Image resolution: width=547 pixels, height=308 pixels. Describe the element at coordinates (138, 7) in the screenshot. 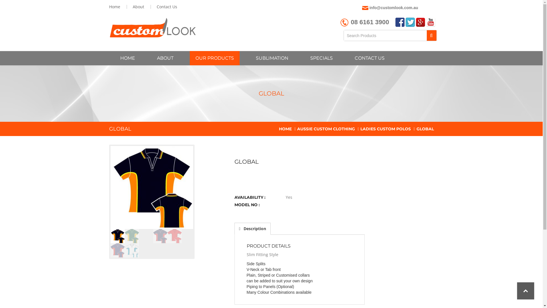

I see `'About'` at that location.